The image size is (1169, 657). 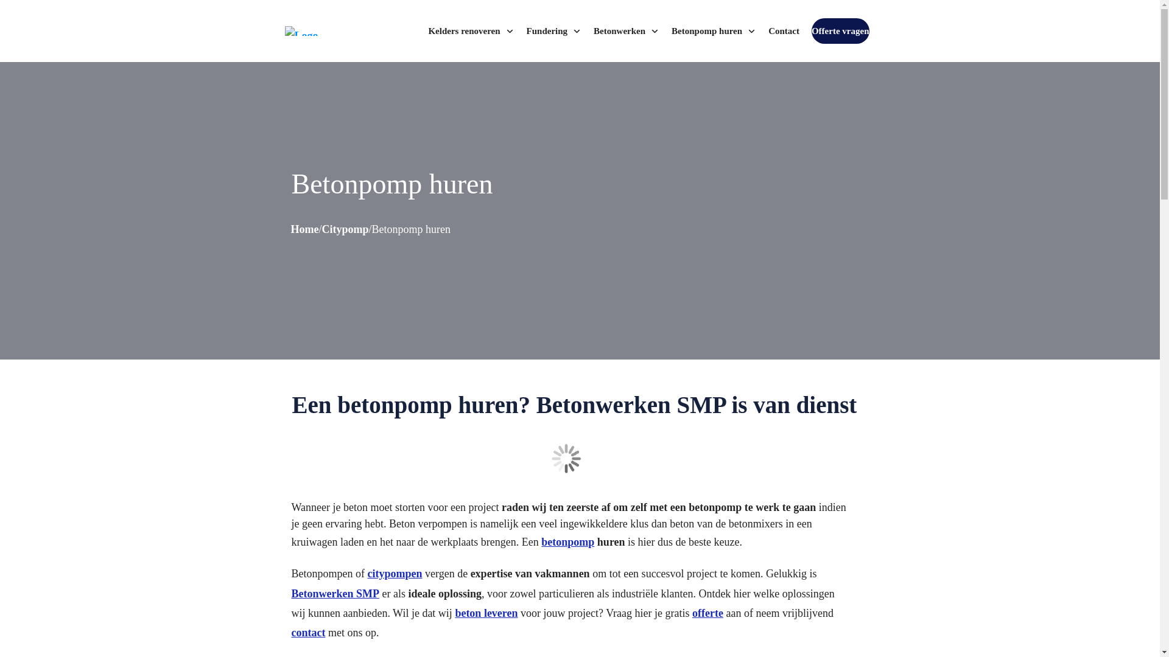 What do you see at coordinates (784, 30) in the screenshot?
I see `'Contact'` at bounding box center [784, 30].